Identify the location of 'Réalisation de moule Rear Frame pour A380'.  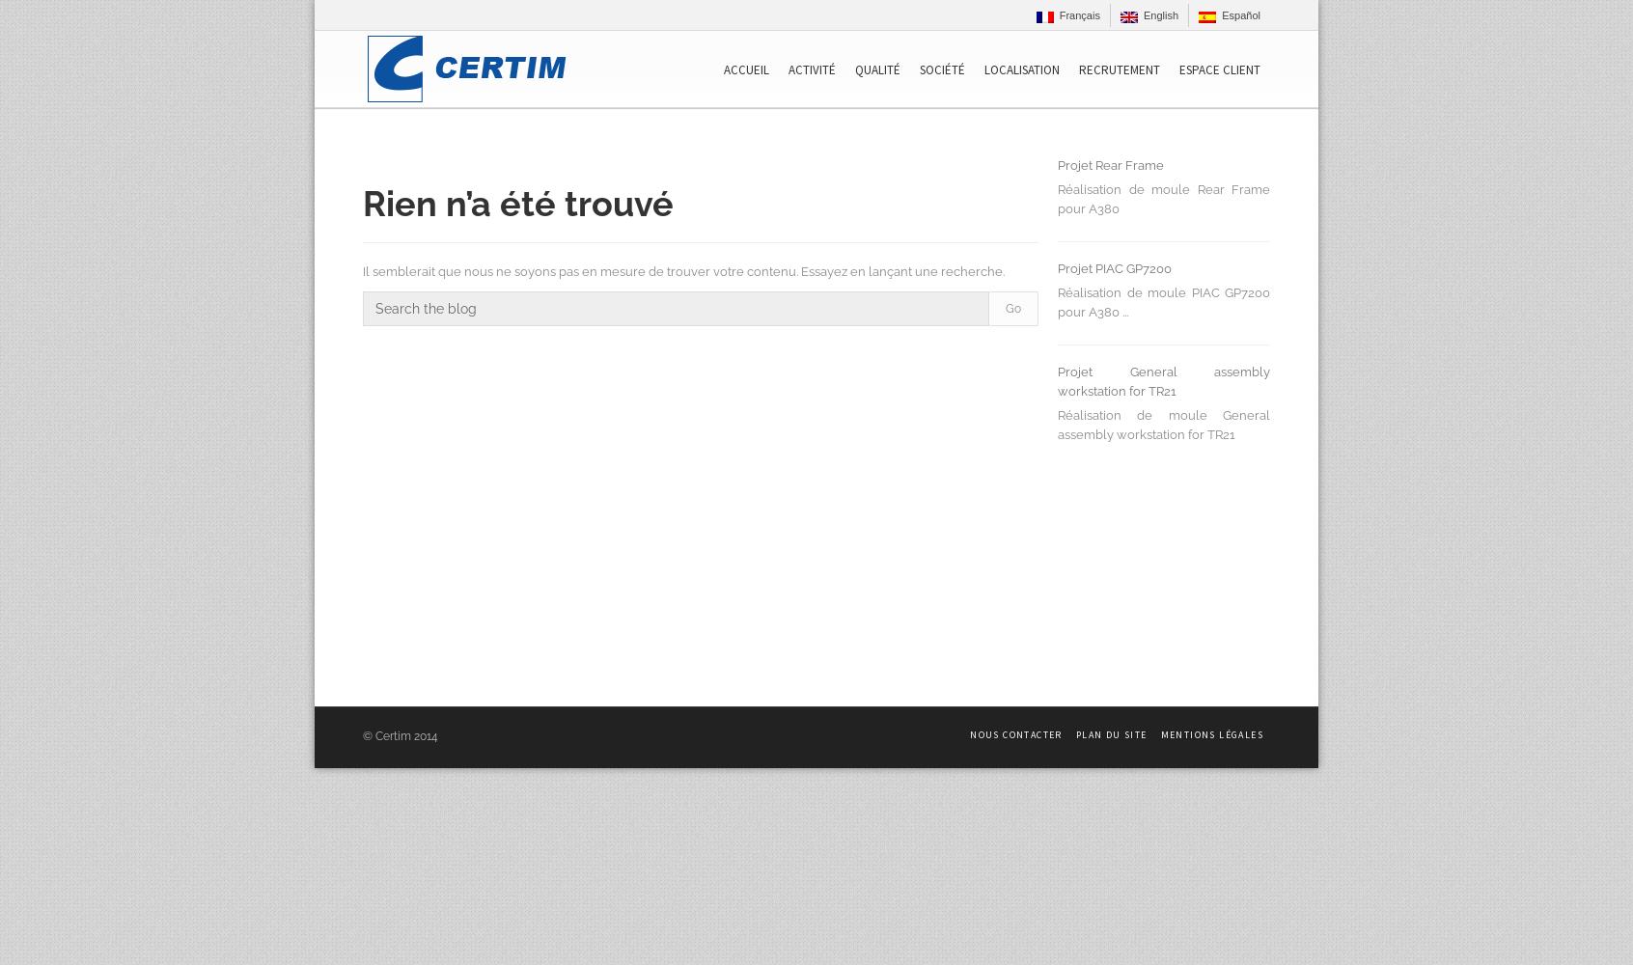
(1058, 198).